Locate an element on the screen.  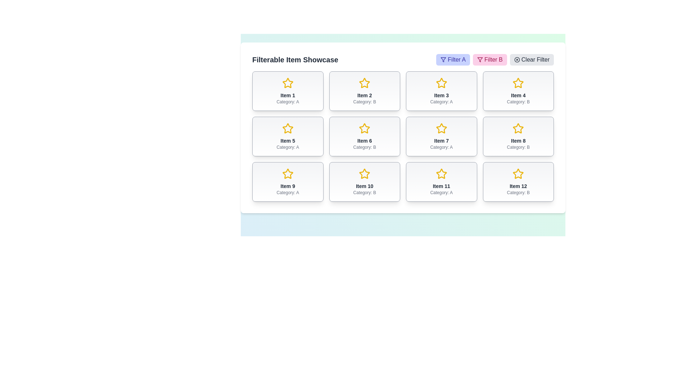
the 'Clear Filter' button, which is the third button in the horizontal section of the filterable item showcase titled 'Filterable Item Showcase' is located at coordinates (402, 59).